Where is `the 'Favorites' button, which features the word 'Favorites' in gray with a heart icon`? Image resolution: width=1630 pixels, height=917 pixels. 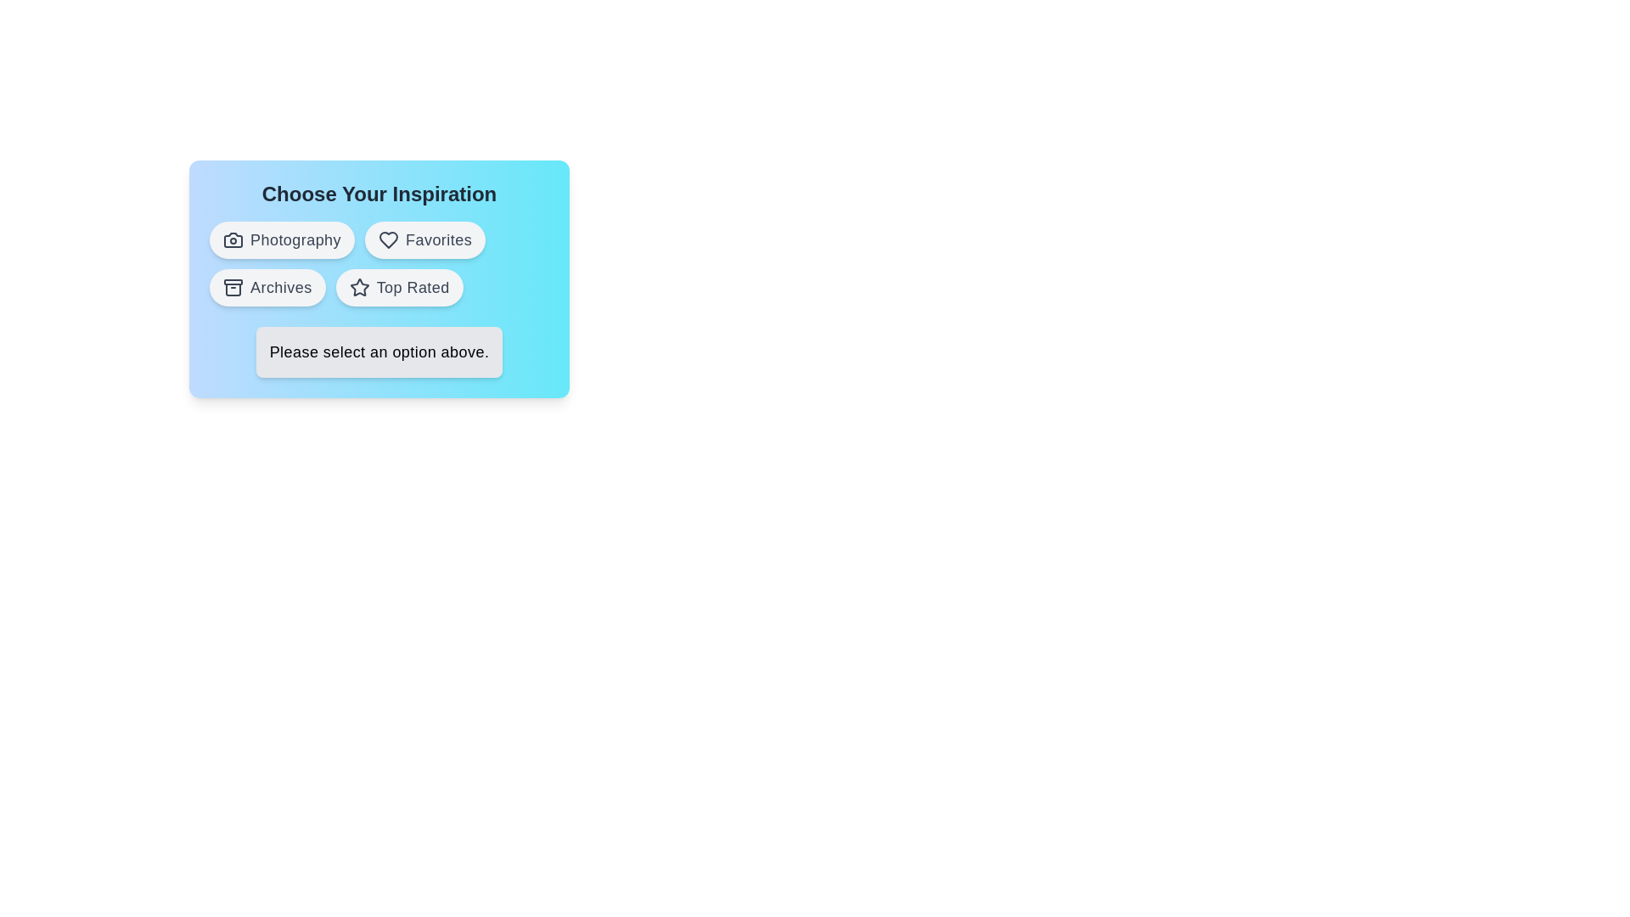 the 'Favorites' button, which features the word 'Favorites' in gray with a heart icon is located at coordinates (439, 239).